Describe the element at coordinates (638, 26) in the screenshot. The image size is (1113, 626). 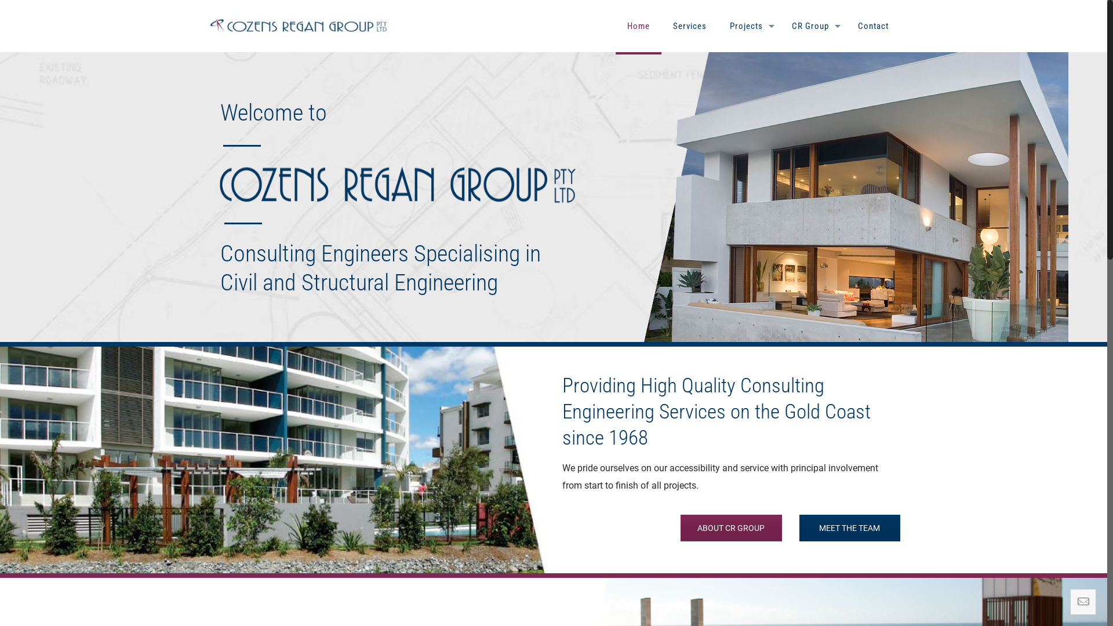
I see `'Home'` at that location.